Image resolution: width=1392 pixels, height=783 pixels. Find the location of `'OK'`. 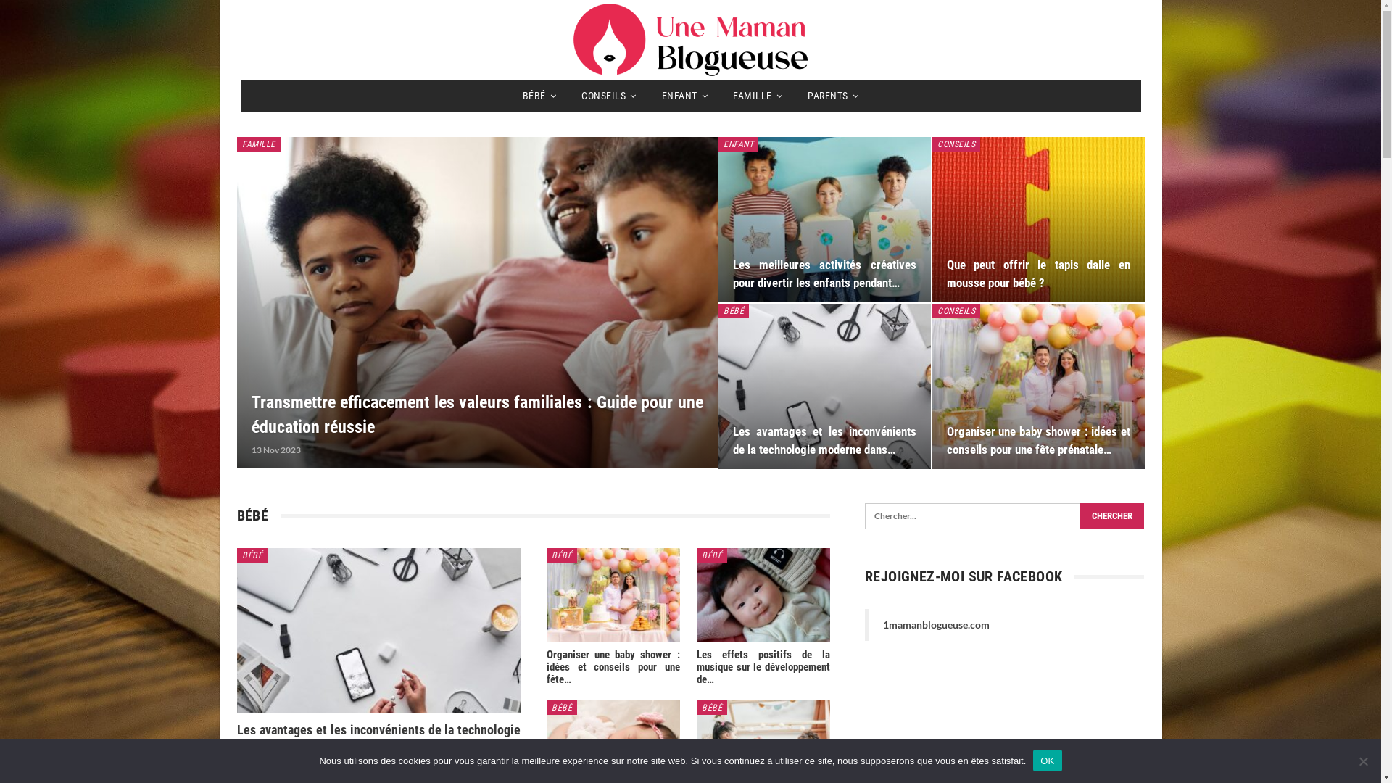

'OK' is located at coordinates (1032, 760).